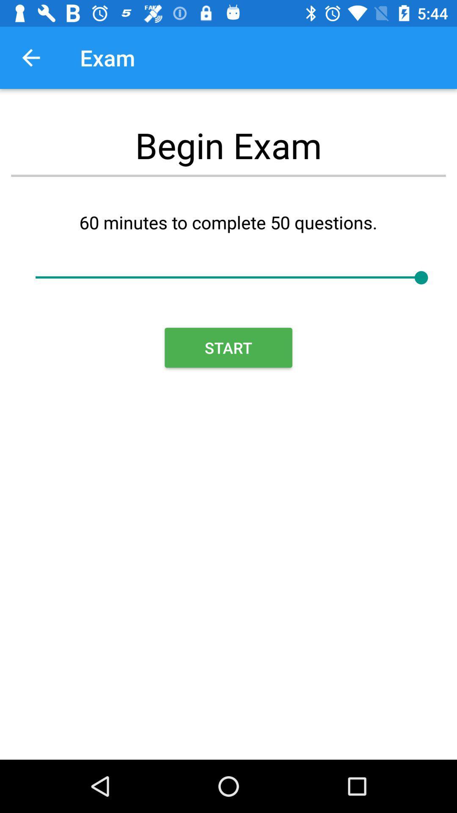 The image size is (457, 813). I want to click on the start icon, so click(228, 348).